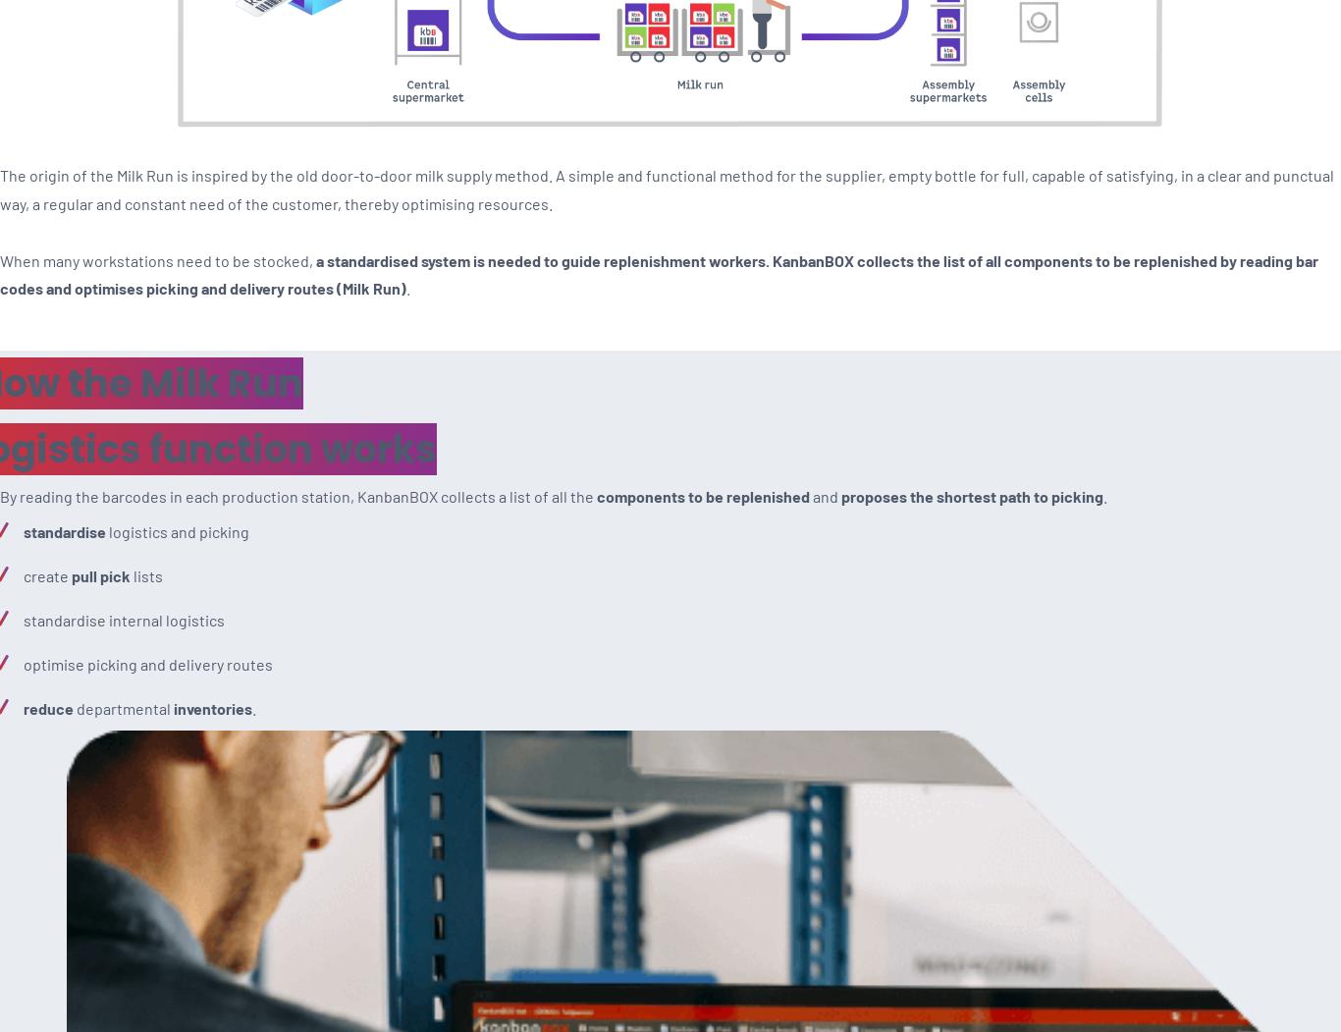 Image resolution: width=1341 pixels, height=1032 pixels. Describe the element at coordinates (15, 822) in the screenshot. I see `'Ask for a Demo'` at that location.